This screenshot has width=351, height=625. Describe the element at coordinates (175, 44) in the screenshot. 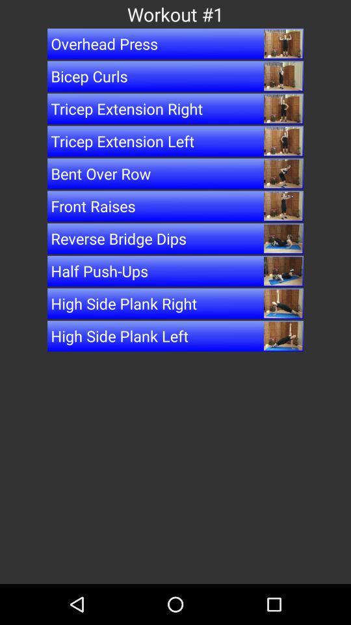

I see `the item above the bicep curls icon` at that location.